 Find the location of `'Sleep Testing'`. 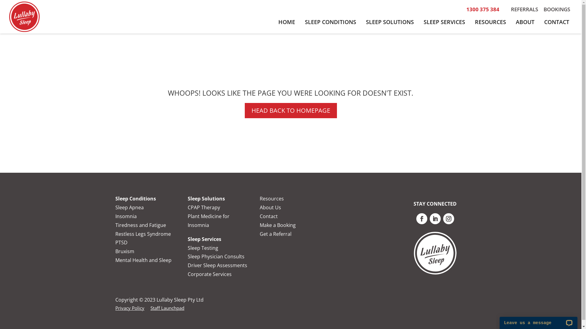

'Sleep Testing' is located at coordinates (203, 248).